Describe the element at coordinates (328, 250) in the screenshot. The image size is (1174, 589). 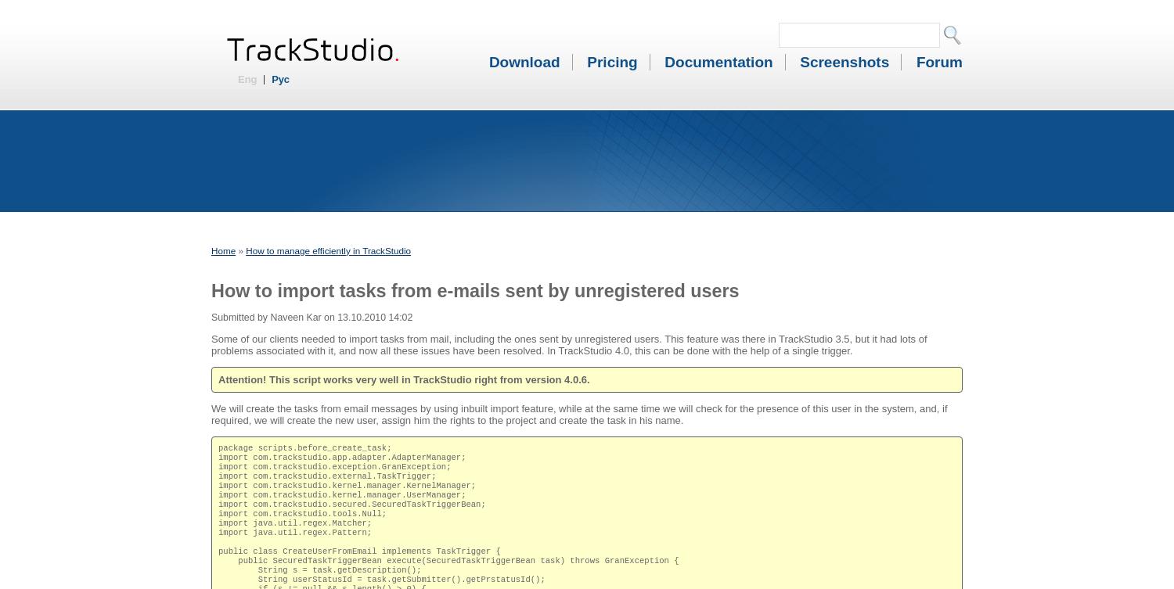
I see `'How to manage efficiently in TrackStudio'` at that location.